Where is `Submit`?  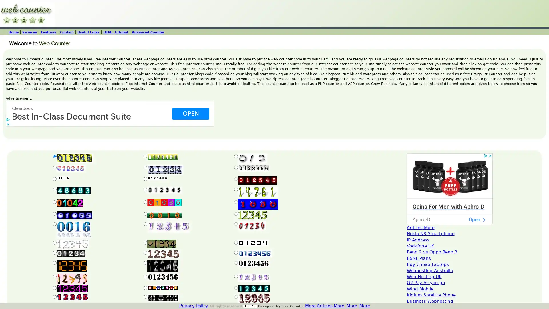
Submit is located at coordinates (252, 243).